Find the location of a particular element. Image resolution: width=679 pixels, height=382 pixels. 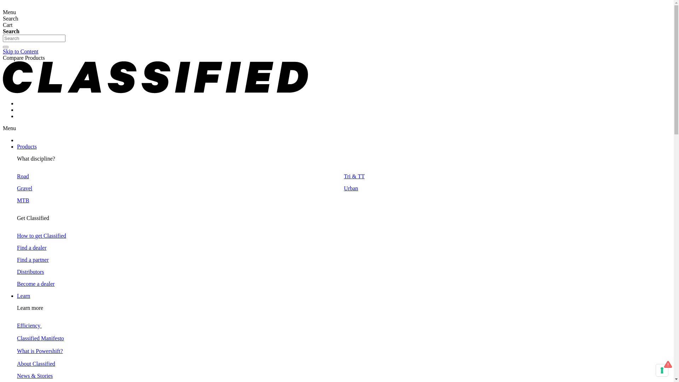

'Efficiency ' is located at coordinates (29, 325).